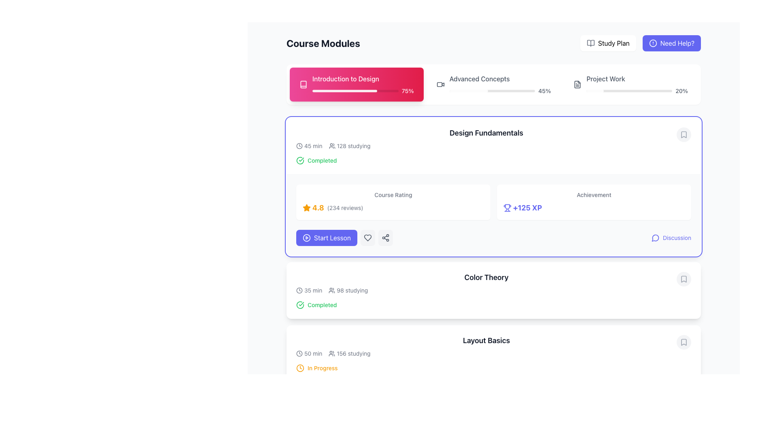 This screenshot has height=437, width=777. Describe the element at coordinates (677, 43) in the screenshot. I see `the text element saying 'Need Help?' which is styled with white font color and placed within a blue rectangular button in the top-right corner of the application` at that location.